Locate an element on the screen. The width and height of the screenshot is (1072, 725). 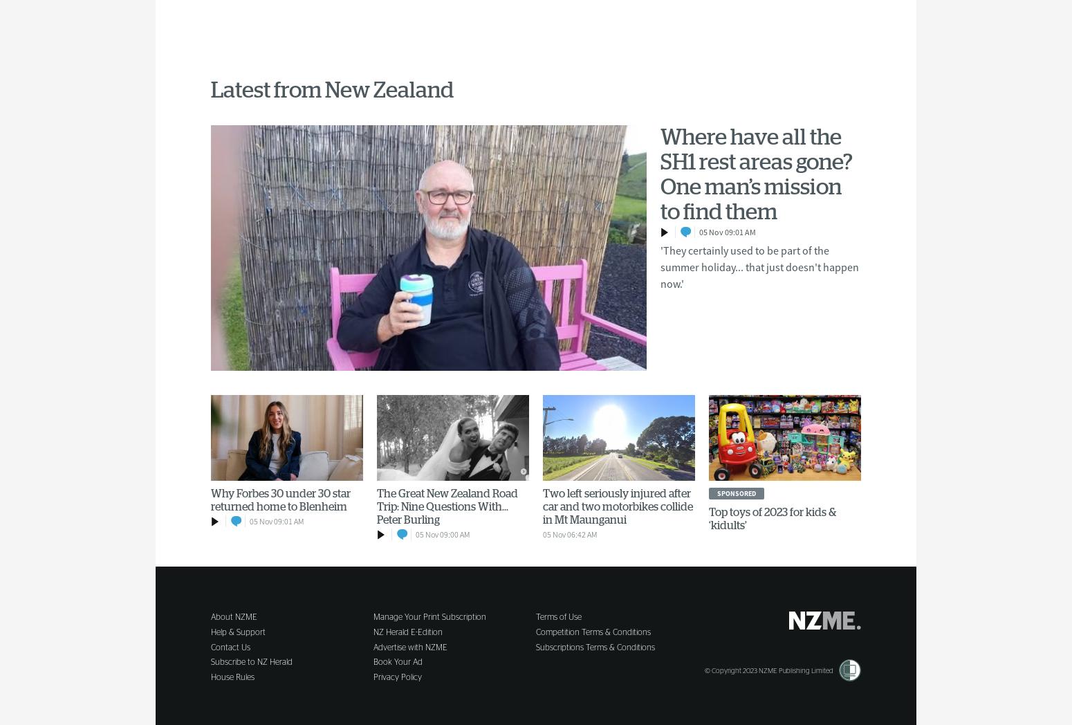
'© Copyright' is located at coordinates (723, 669).